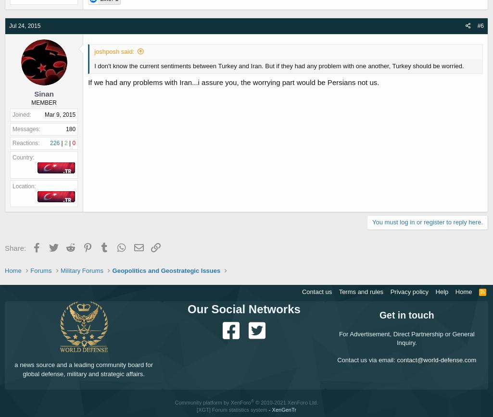 The height and width of the screenshot is (417, 493). I want to click on 'Our Social Networks', so click(243, 309).